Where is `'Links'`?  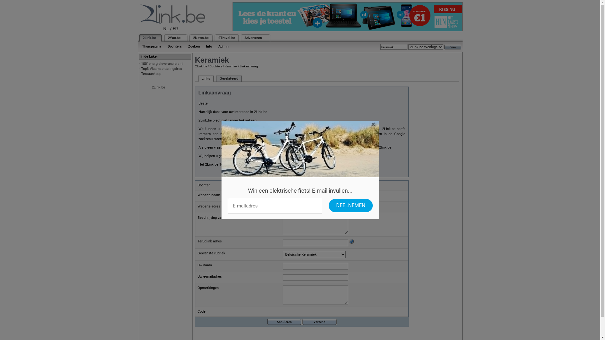
'Links' is located at coordinates (205, 78).